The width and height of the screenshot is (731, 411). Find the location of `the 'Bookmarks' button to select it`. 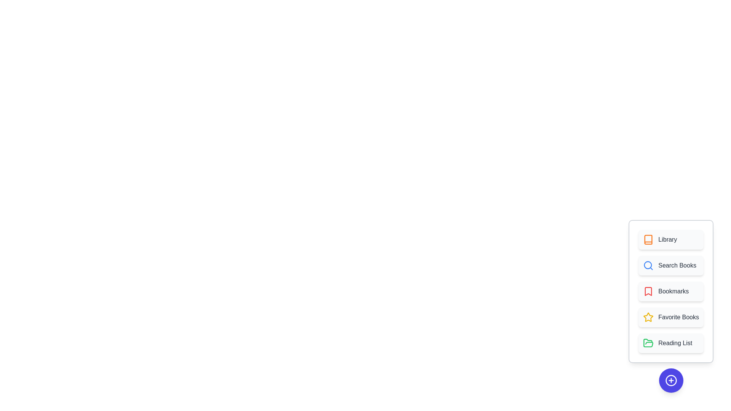

the 'Bookmarks' button to select it is located at coordinates (671, 291).